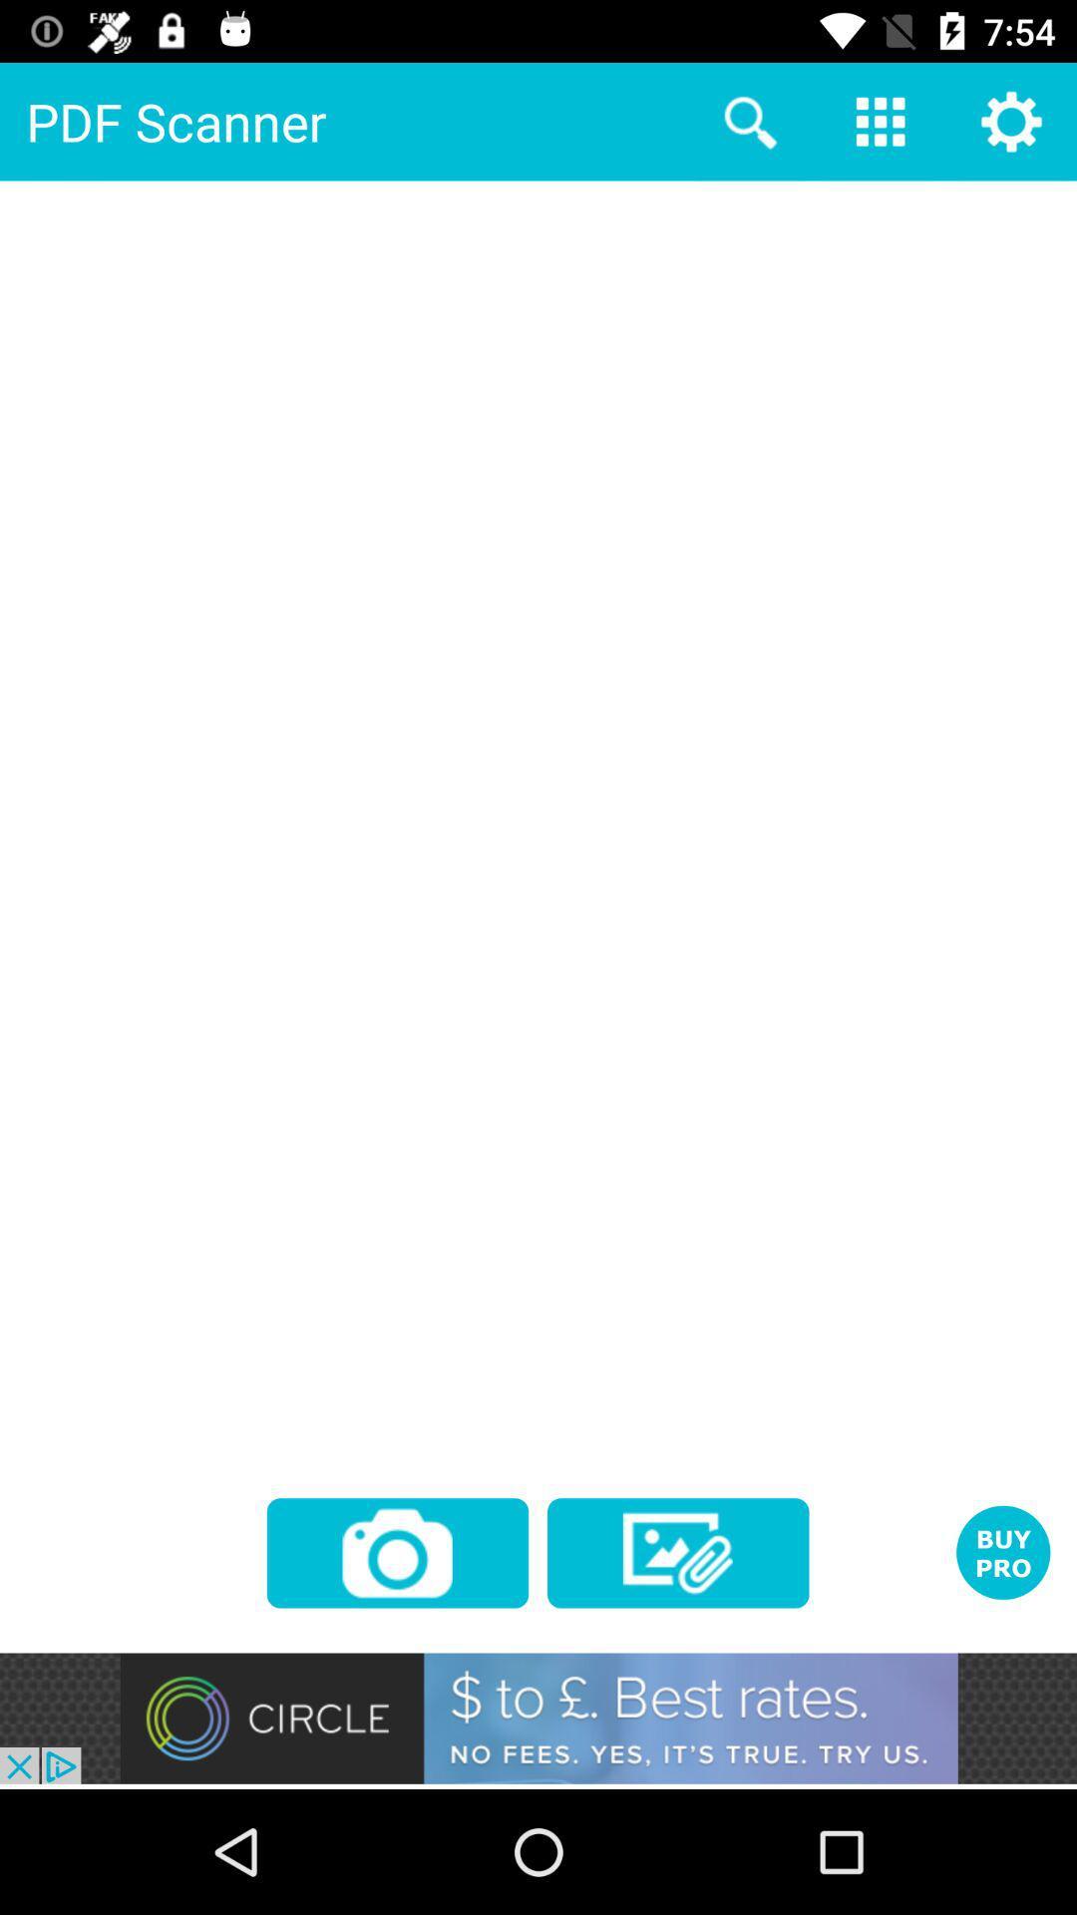 The height and width of the screenshot is (1915, 1077). What do you see at coordinates (749, 121) in the screenshot?
I see `the search icon` at bounding box center [749, 121].